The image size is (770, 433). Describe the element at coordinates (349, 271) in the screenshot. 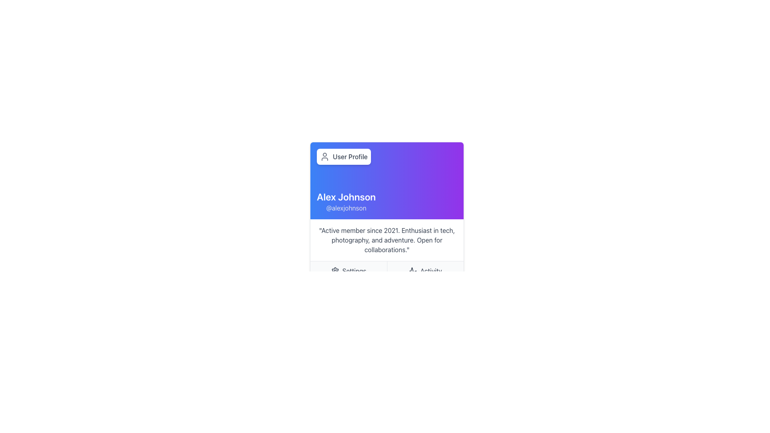

I see `the 'Settings' button, which is a text label with a gear icon, located in the lower section of the interface` at that location.